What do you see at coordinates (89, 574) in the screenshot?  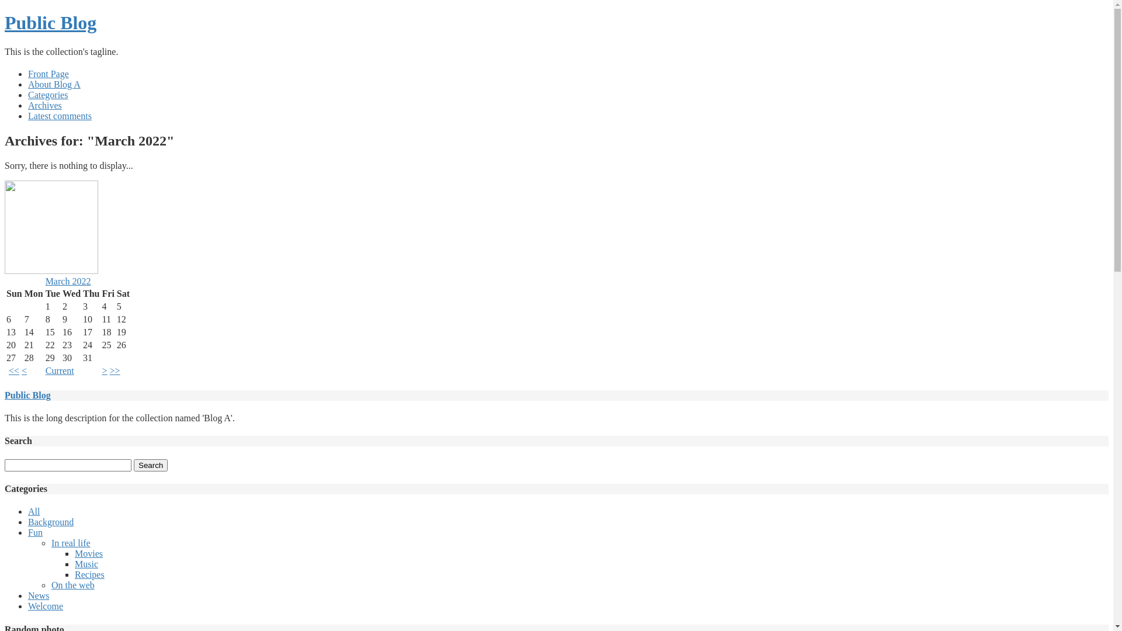 I see `'Recipes'` at bounding box center [89, 574].